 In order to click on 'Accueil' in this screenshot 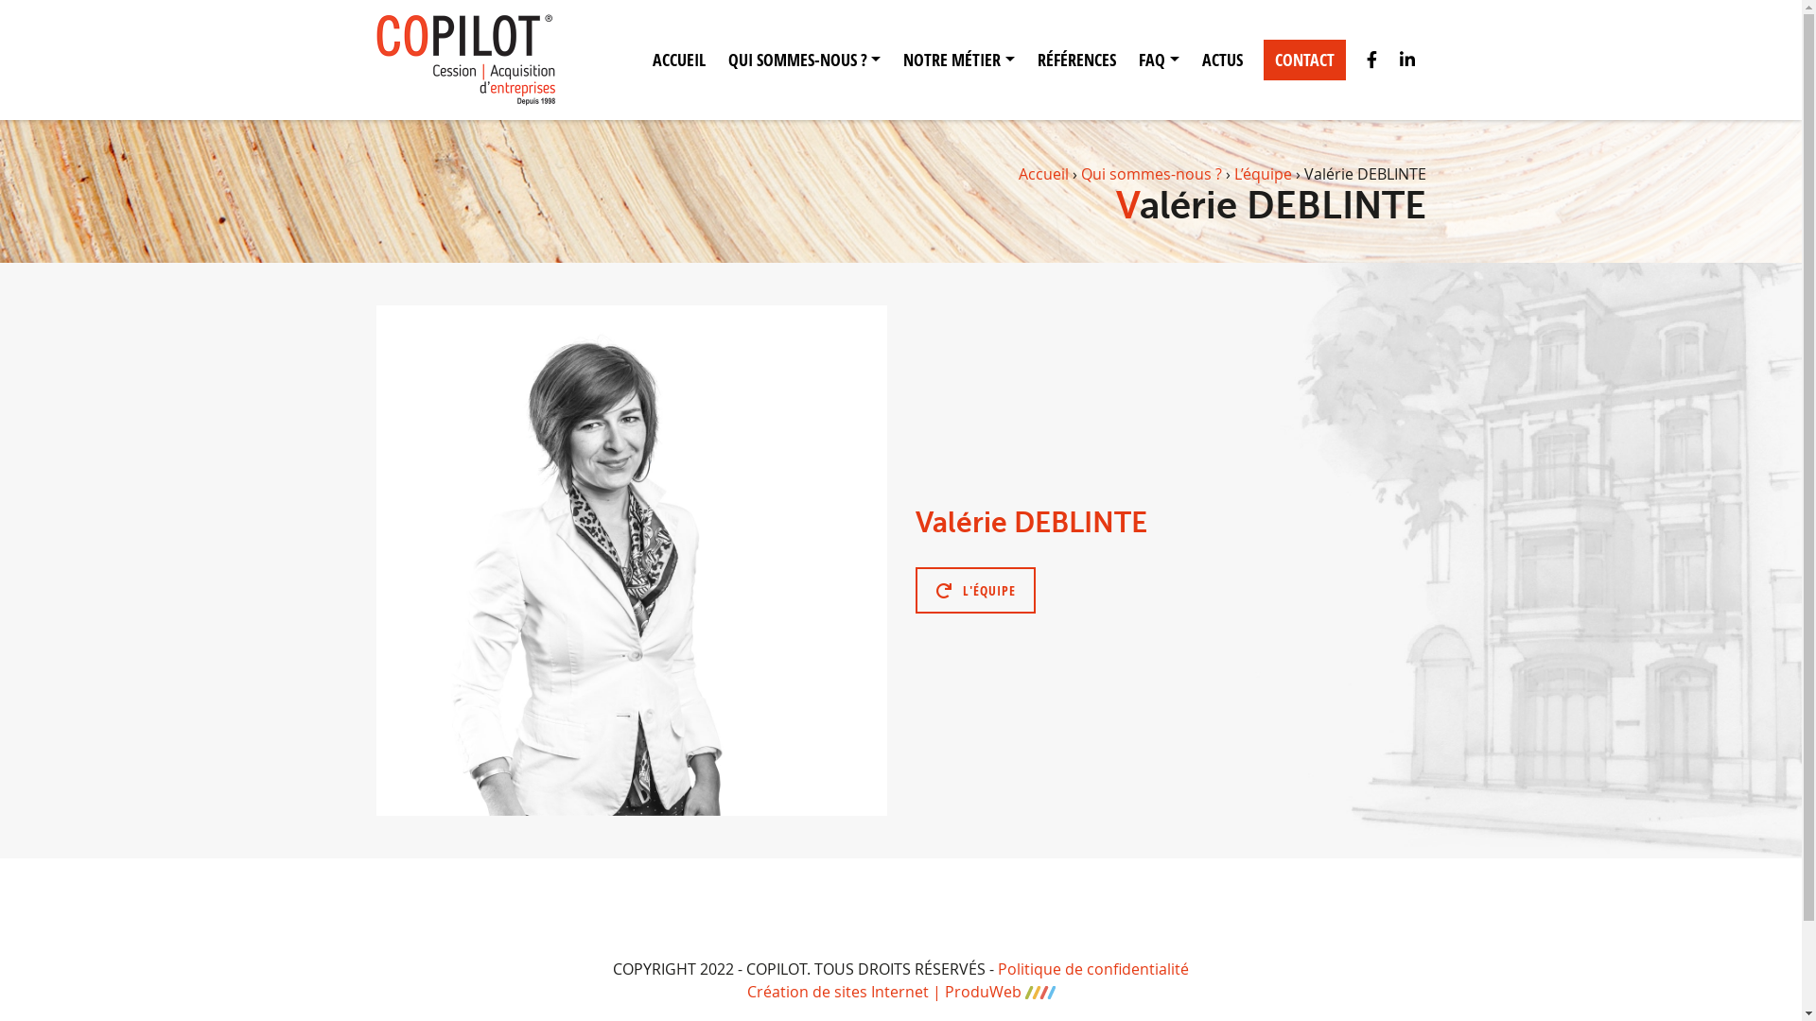, I will do `click(1041, 174)`.